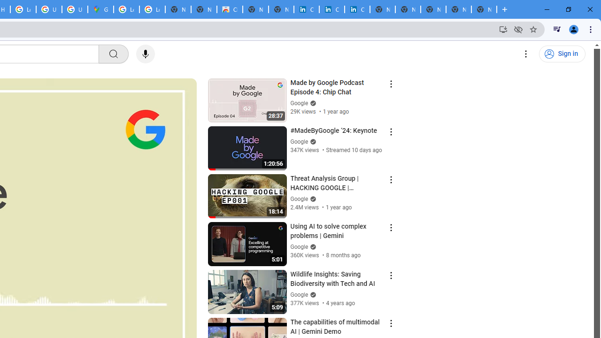  Describe the element at coordinates (391, 323) in the screenshot. I see `'Action menu'` at that location.